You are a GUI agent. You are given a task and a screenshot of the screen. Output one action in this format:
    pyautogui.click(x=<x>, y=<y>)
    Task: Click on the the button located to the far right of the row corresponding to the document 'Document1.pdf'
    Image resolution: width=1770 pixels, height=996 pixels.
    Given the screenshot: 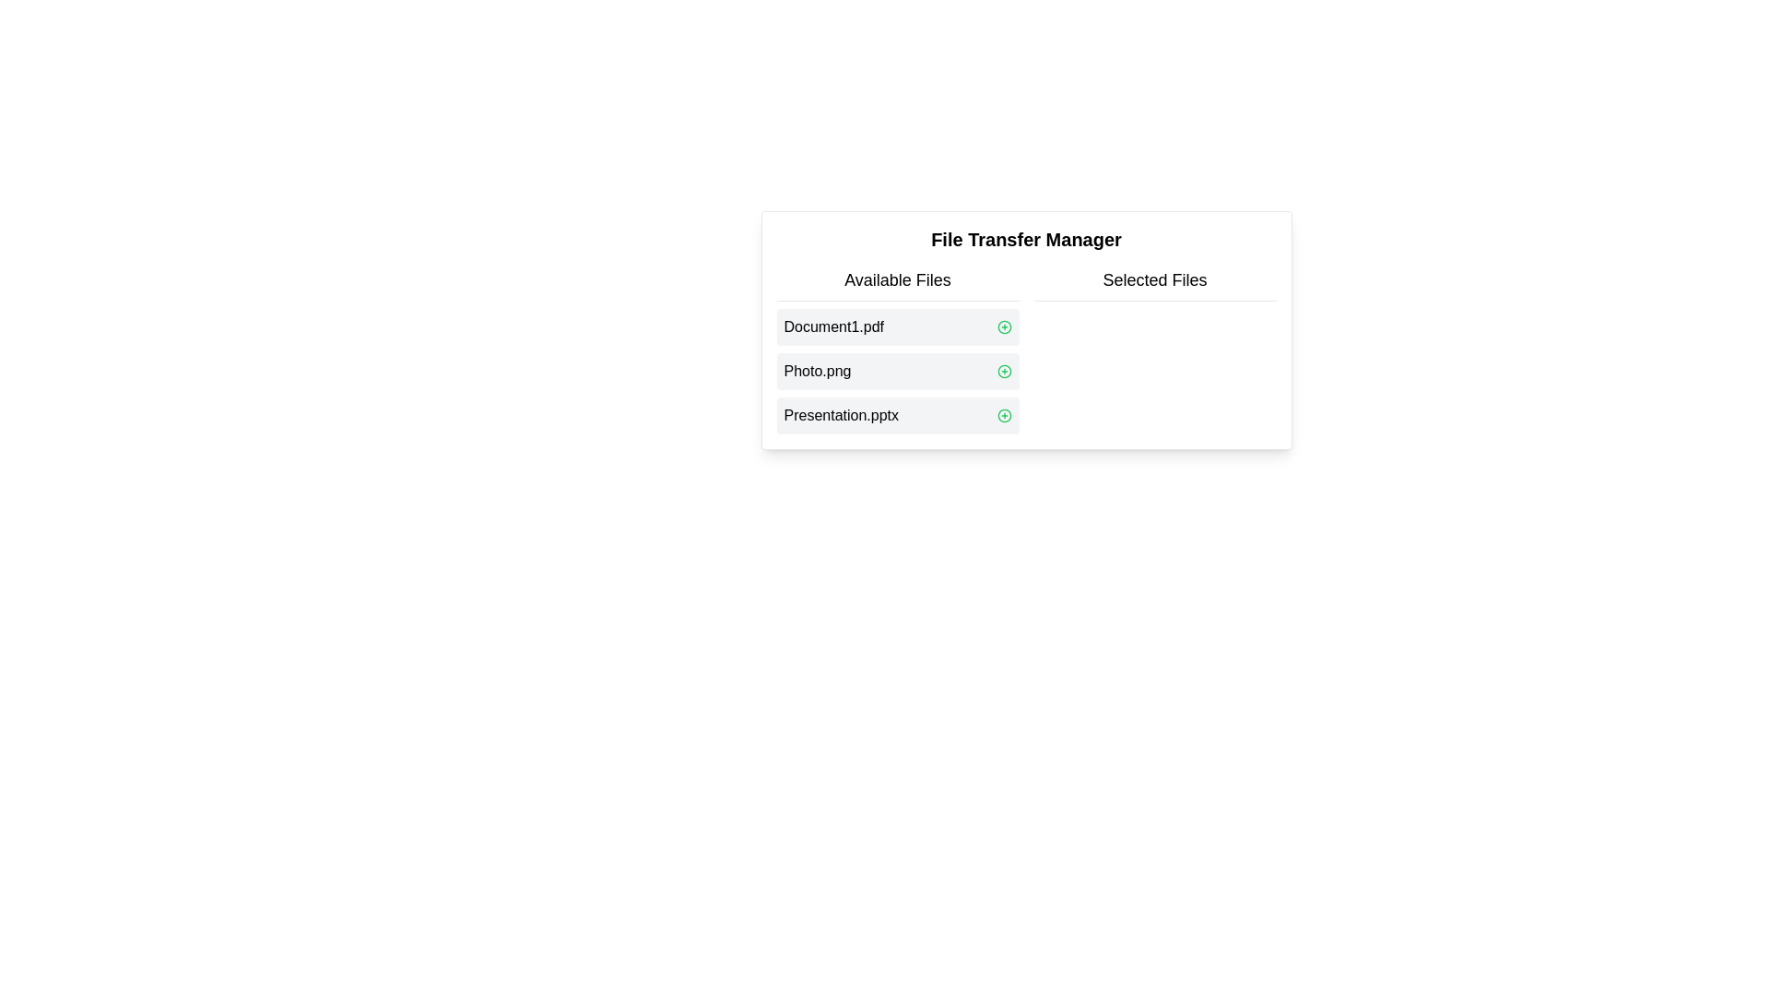 What is the action you would take?
    pyautogui.click(x=1003, y=326)
    